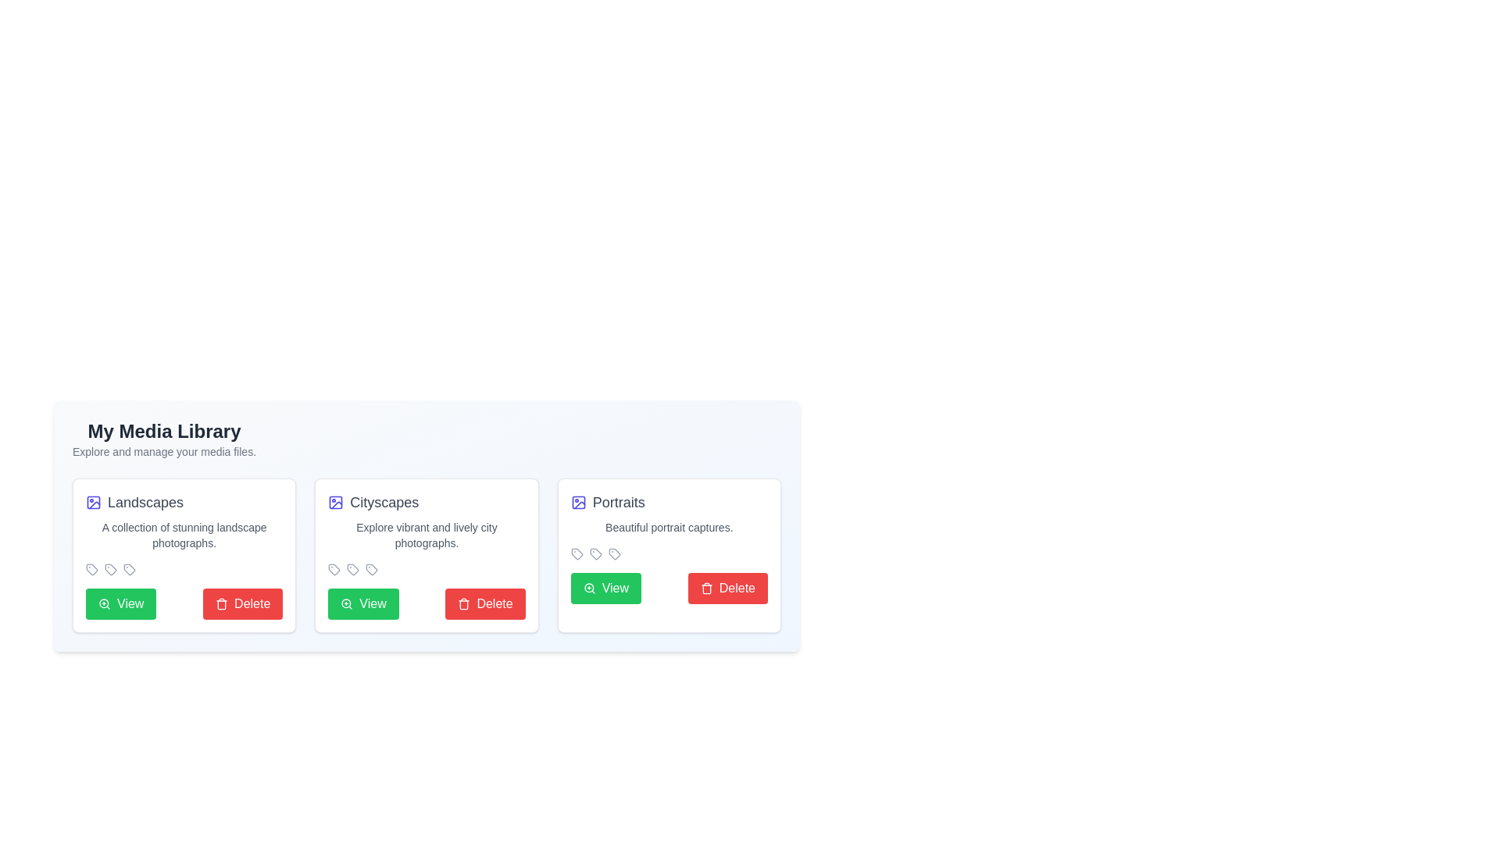 The width and height of the screenshot is (1500, 843). What do you see at coordinates (335, 503) in the screenshot?
I see `the small rectangle with rounded corners inside the photograph icon located at the top-left corner of the 'Landscapes' card` at bounding box center [335, 503].